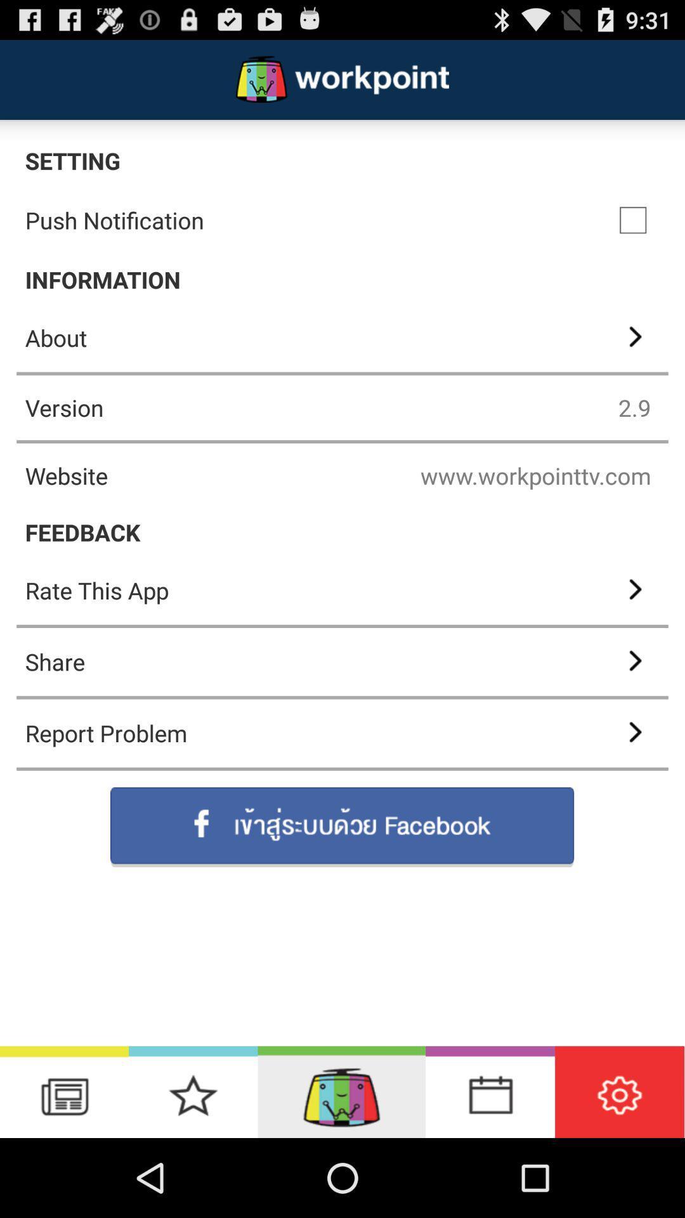 The width and height of the screenshot is (685, 1218). Describe the element at coordinates (633, 220) in the screenshot. I see `item next to the push notification` at that location.